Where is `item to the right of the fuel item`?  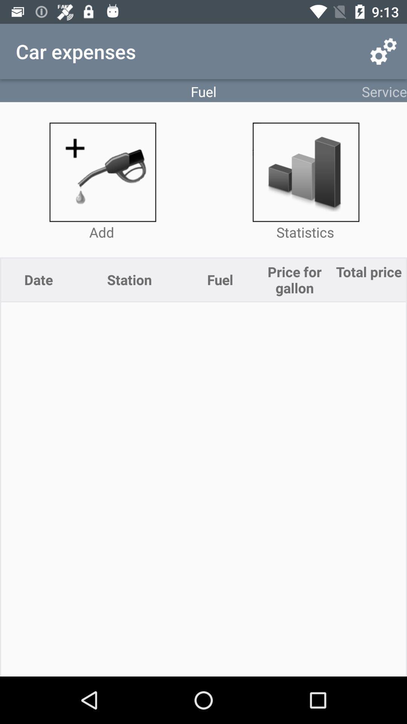 item to the right of the fuel item is located at coordinates (383, 51).